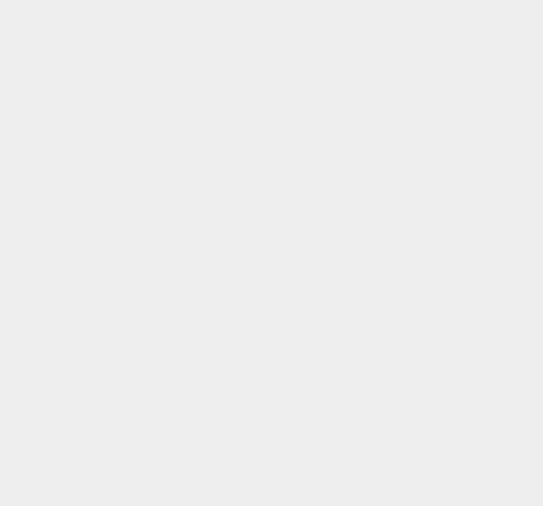 This screenshot has height=506, width=543. I want to click on 'Root Android', so click(402, 185).